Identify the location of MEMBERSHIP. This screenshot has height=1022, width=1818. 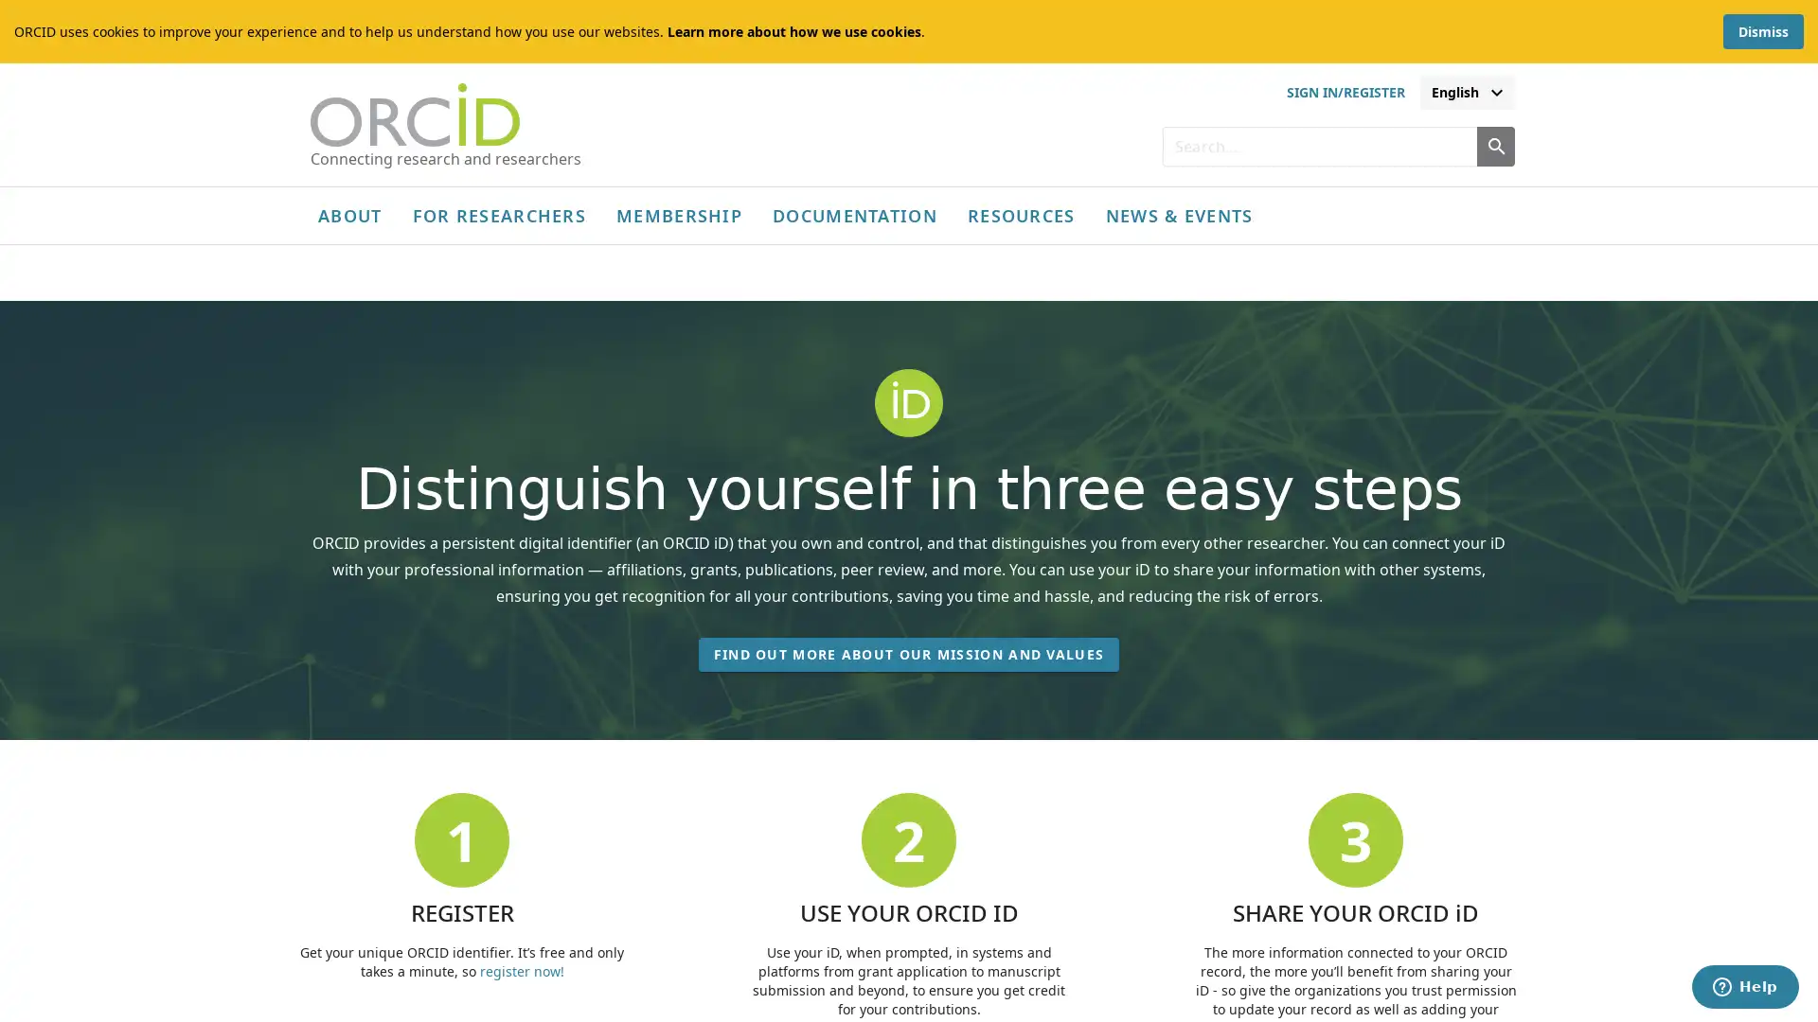
(679, 214).